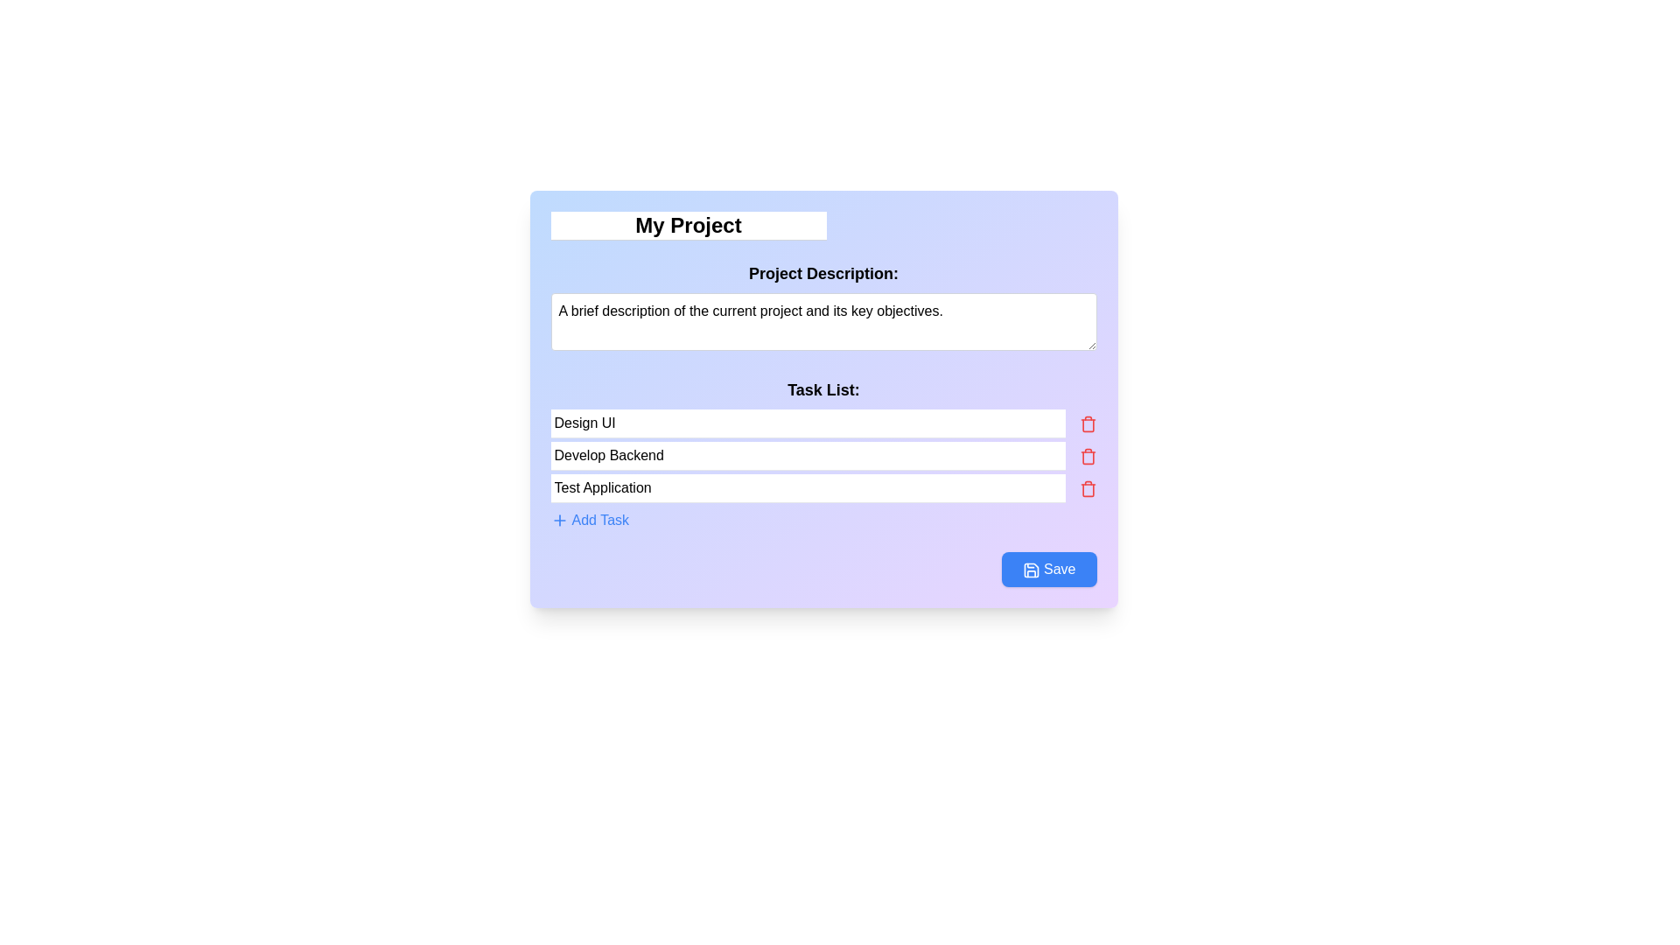  Describe the element at coordinates (1032, 570) in the screenshot. I see `the small blue disk-shaped icon resembling a floppy disk, which is located to the left of the 'Save' label within the button at the bottom-right corner of the interface` at that location.